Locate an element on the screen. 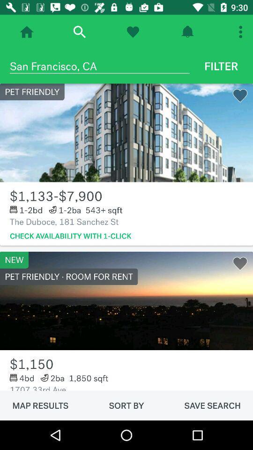 This screenshot has height=450, width=253. filter icon is located at coordinates (221, 66).